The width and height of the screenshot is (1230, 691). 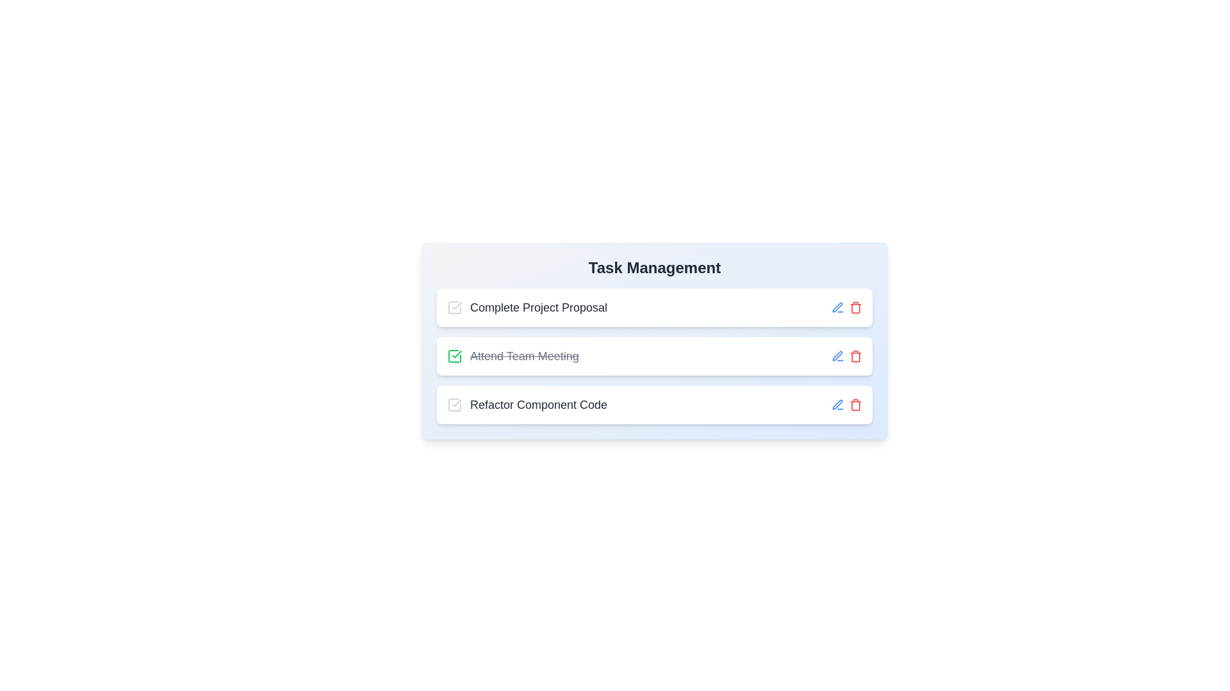 What do you see at coordinates (855, 356) in the screenshot?
I see `the small red trash icon representing the delete action located to the far right of the row labeled 'Attend Team Meeting'` at bounding box center [855, 356].